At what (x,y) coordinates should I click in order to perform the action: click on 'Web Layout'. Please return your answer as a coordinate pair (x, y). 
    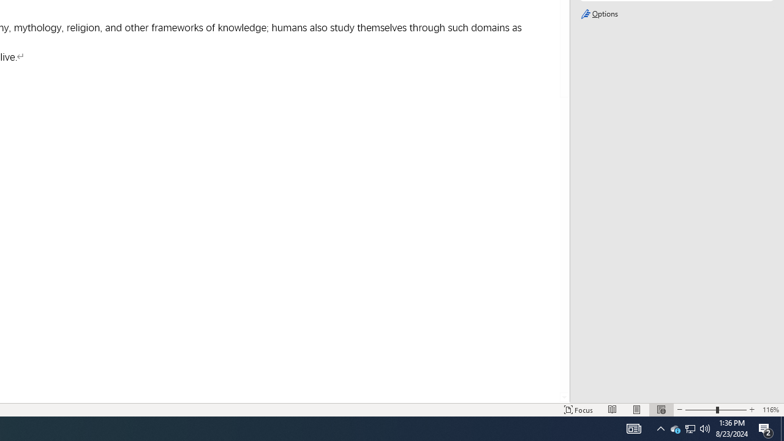
    Looking at the image, I should click on (660, 410).